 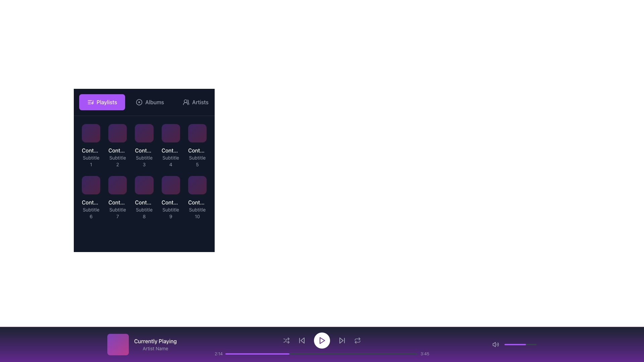 I want to click on the associated controls related, so click(x=144, y=157).